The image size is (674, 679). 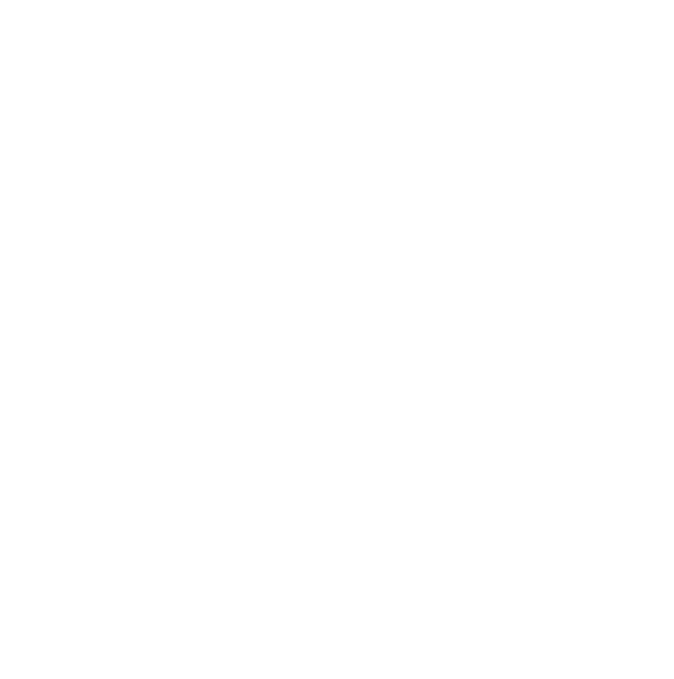 What do you see at coordinates (168, 47) in the screenshot?
I see `'Questi cookie sono essenziali per il corretto funzionamento del sito web. Senza questi cookie, il sito web non funzionerebbe correttamente'` at bounding box center [168, 47].